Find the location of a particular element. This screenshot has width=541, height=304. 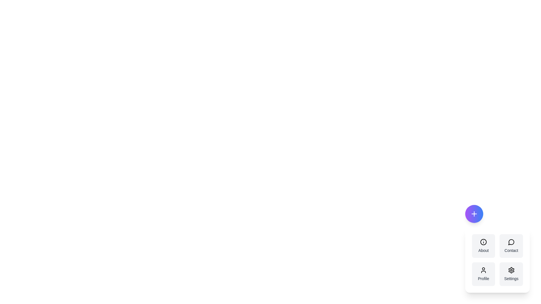

the speed dial button to observe the hover effect is located at coordinates (474, 214).